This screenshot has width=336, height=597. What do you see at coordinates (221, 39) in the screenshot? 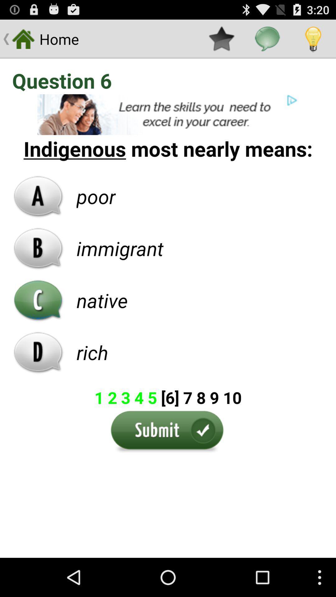
I see `icon on the right side of home` at bounding box center [221, 39].